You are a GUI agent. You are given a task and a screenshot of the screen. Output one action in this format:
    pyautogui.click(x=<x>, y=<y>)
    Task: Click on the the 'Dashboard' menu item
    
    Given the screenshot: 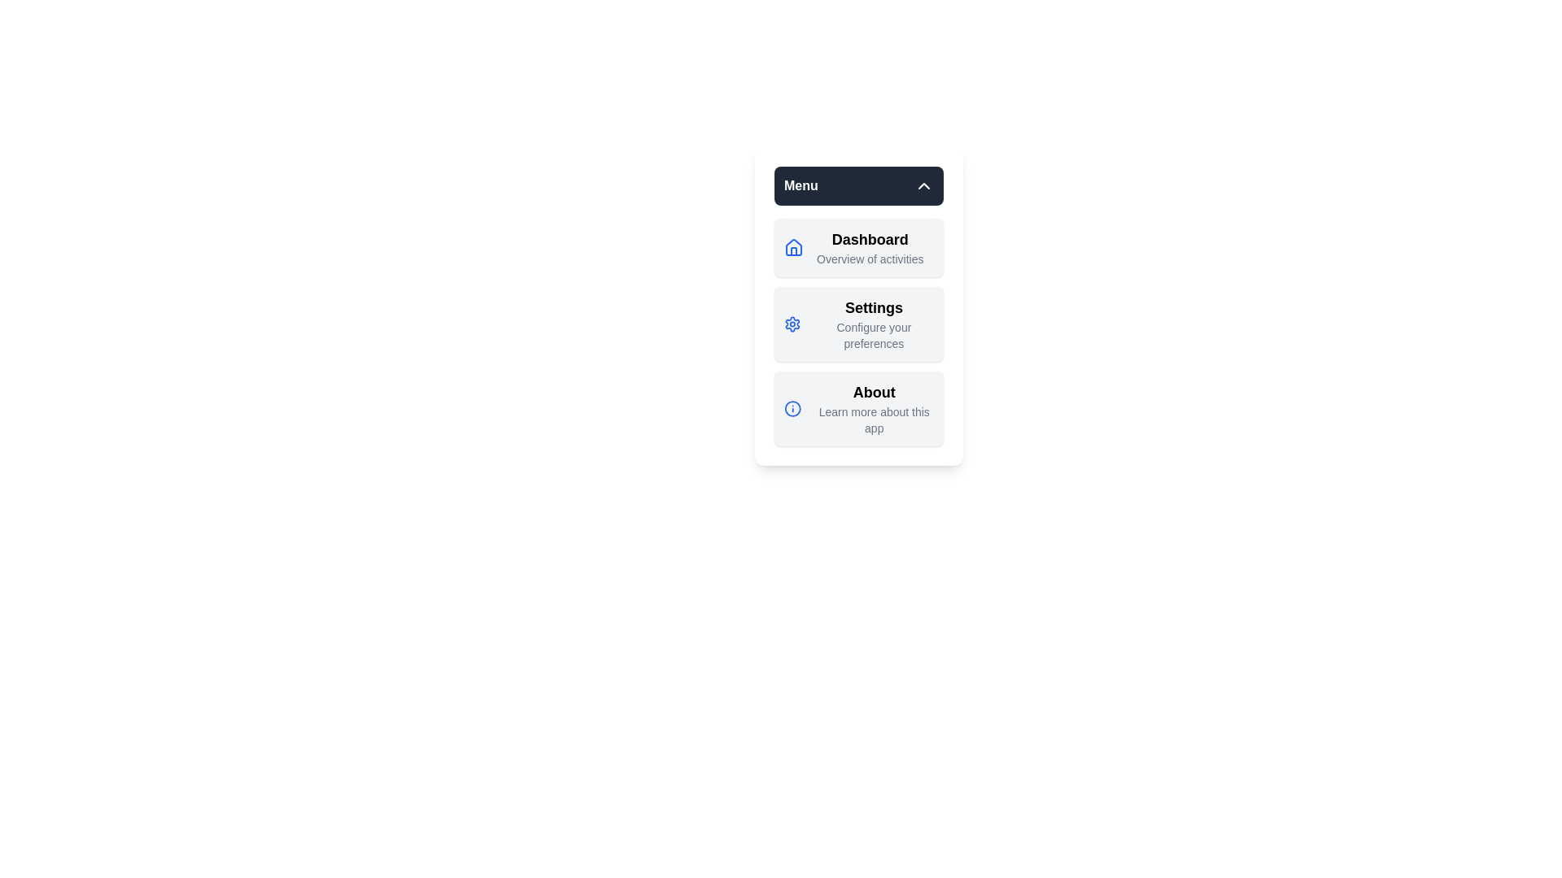 What is the action you would take?
    pyautogui.click(x=869, y=239)
    